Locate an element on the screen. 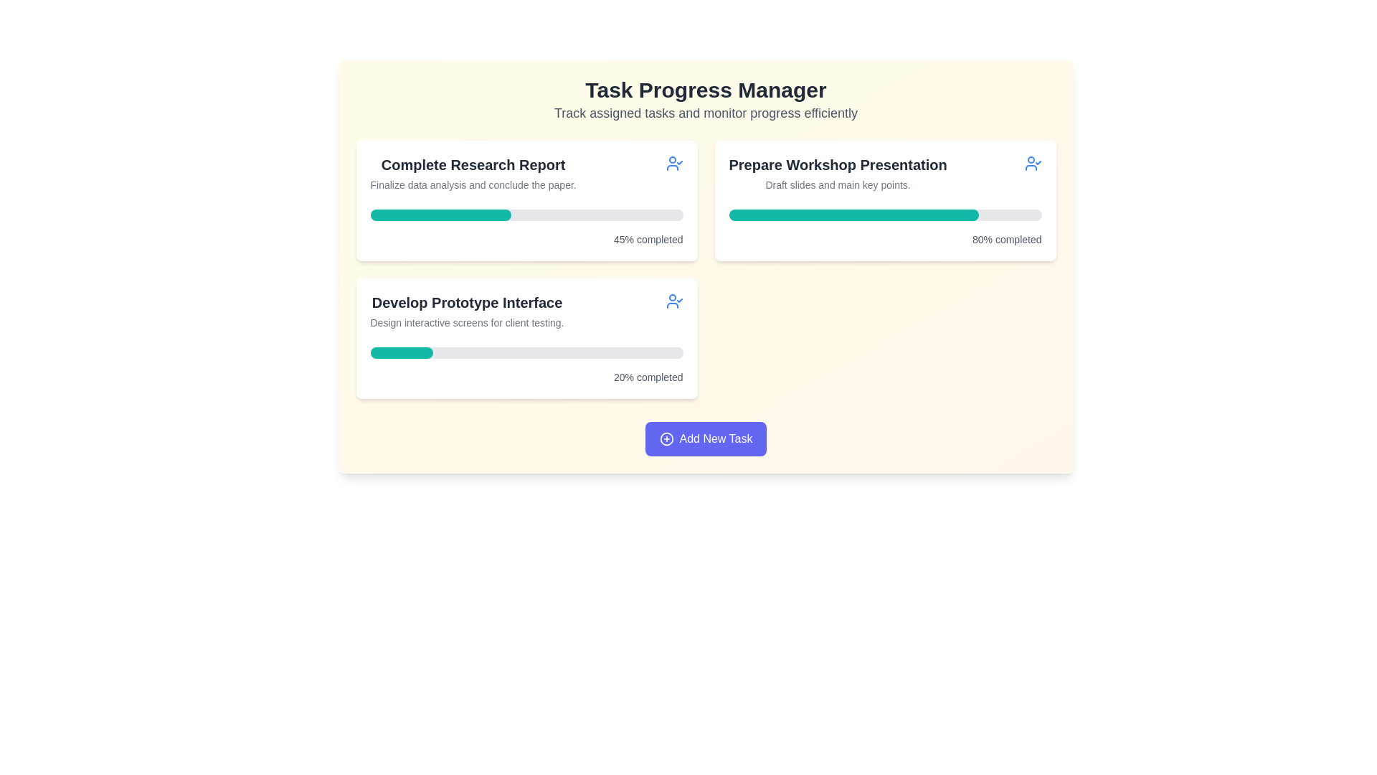  the text block containing the heading 'Develop Prototype Interface' and subtext 'Design interactive screens for client testing' is located at coordinates (526, 311).